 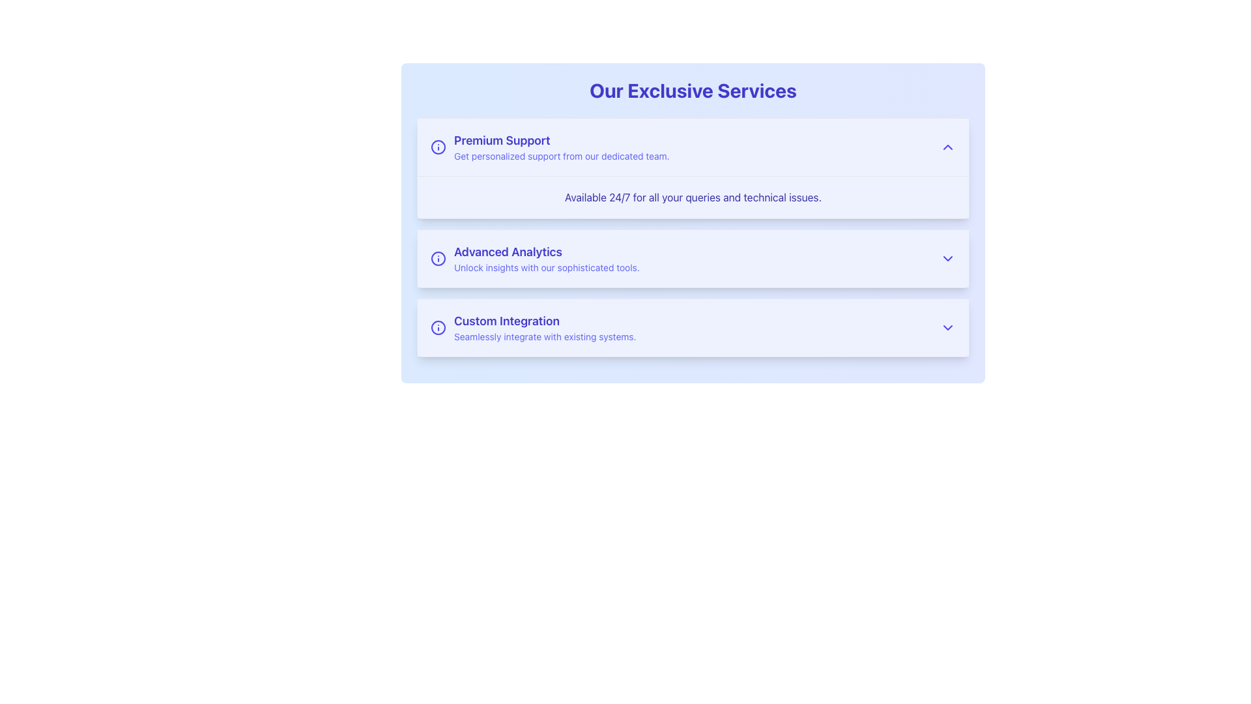 What do you see at coordinates (693, 168) in the screenshot?
I see `information displayed in the first collapsible card titled 'Premium Support' located under 'Our Exclusive Services'` at bounding box center [693, 168].